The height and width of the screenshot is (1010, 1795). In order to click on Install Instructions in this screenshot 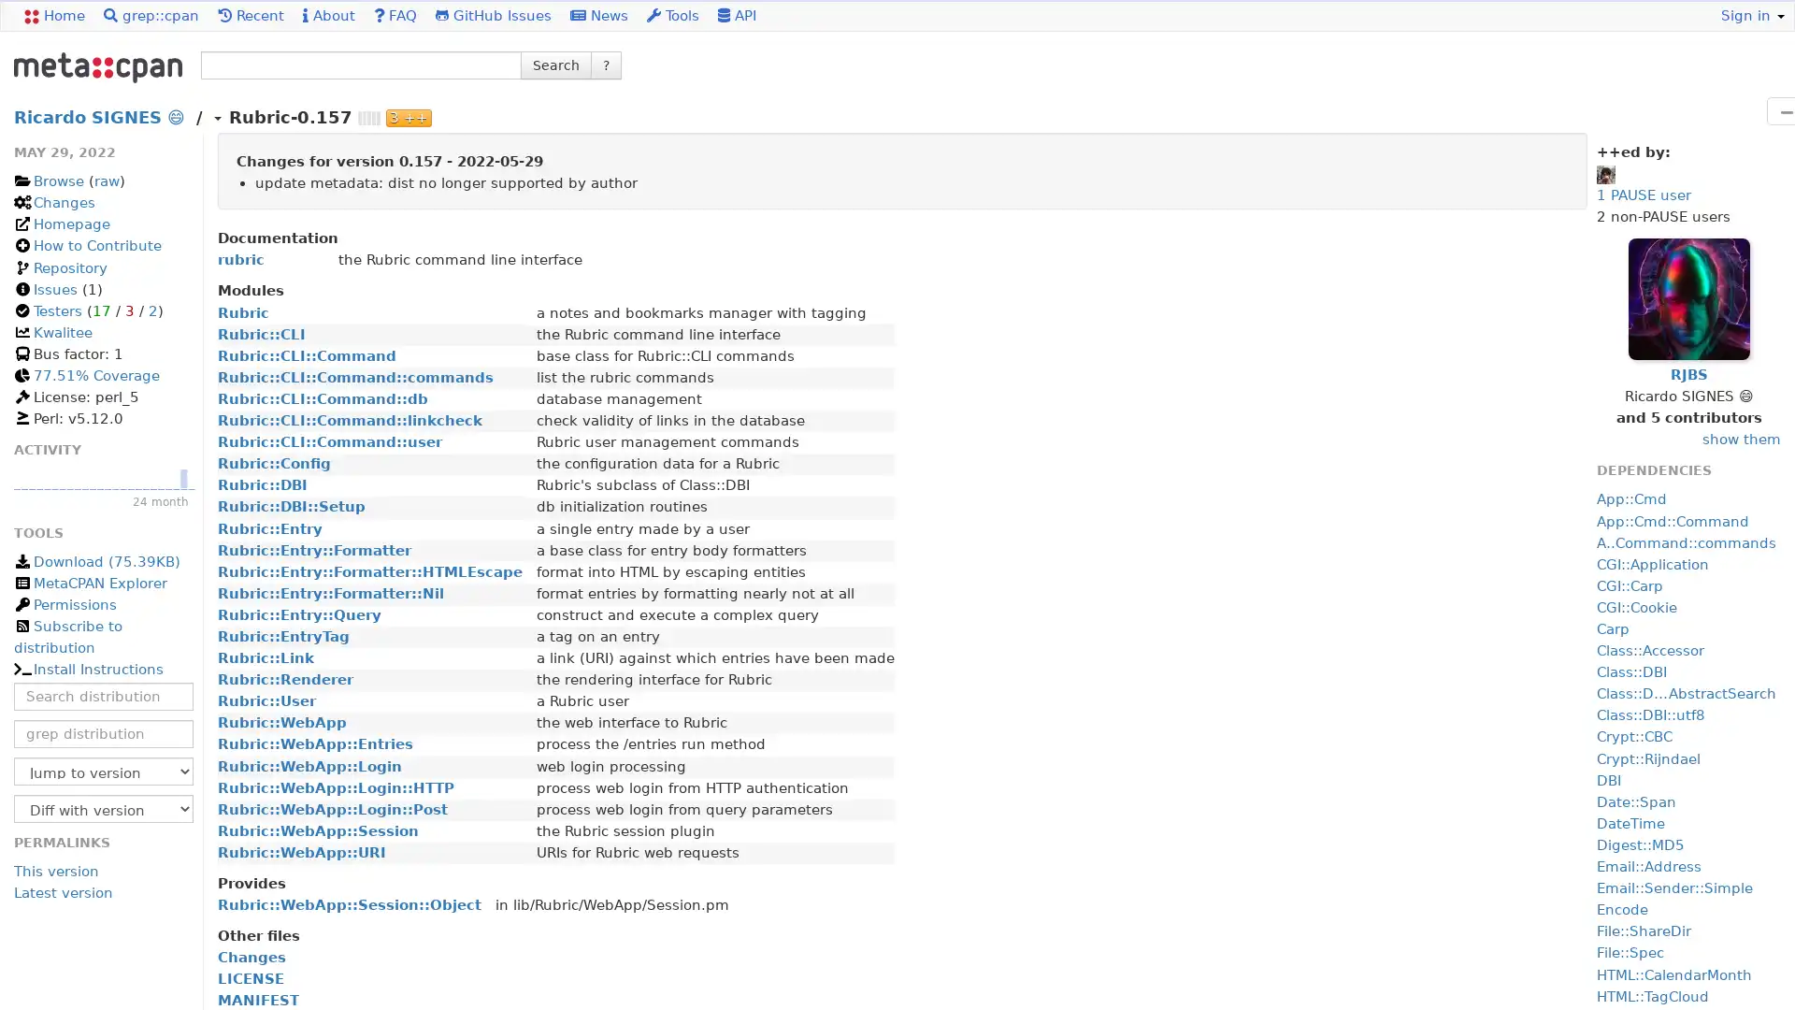, I will do `click(87, 669)`.